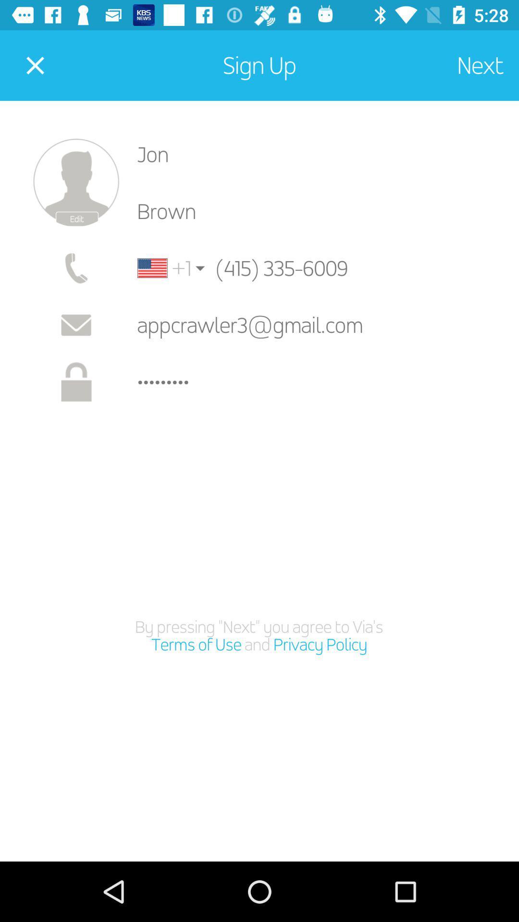  What do you see at coordinates (259, 636) in the screenshot?
I see `the by pressing next icon` at bounding box center [259, 636].